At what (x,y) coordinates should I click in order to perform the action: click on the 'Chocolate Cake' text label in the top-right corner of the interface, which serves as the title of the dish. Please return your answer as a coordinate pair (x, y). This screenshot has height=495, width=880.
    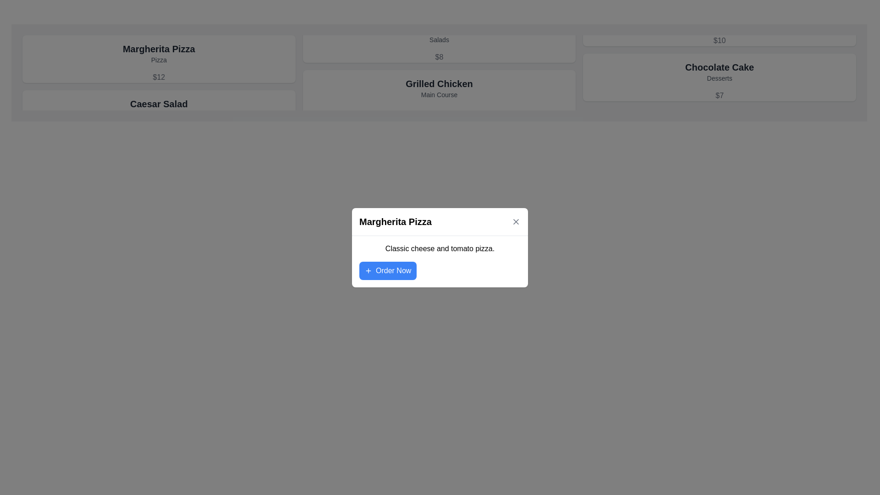
    Looking at the image, I should click on (719, 66).